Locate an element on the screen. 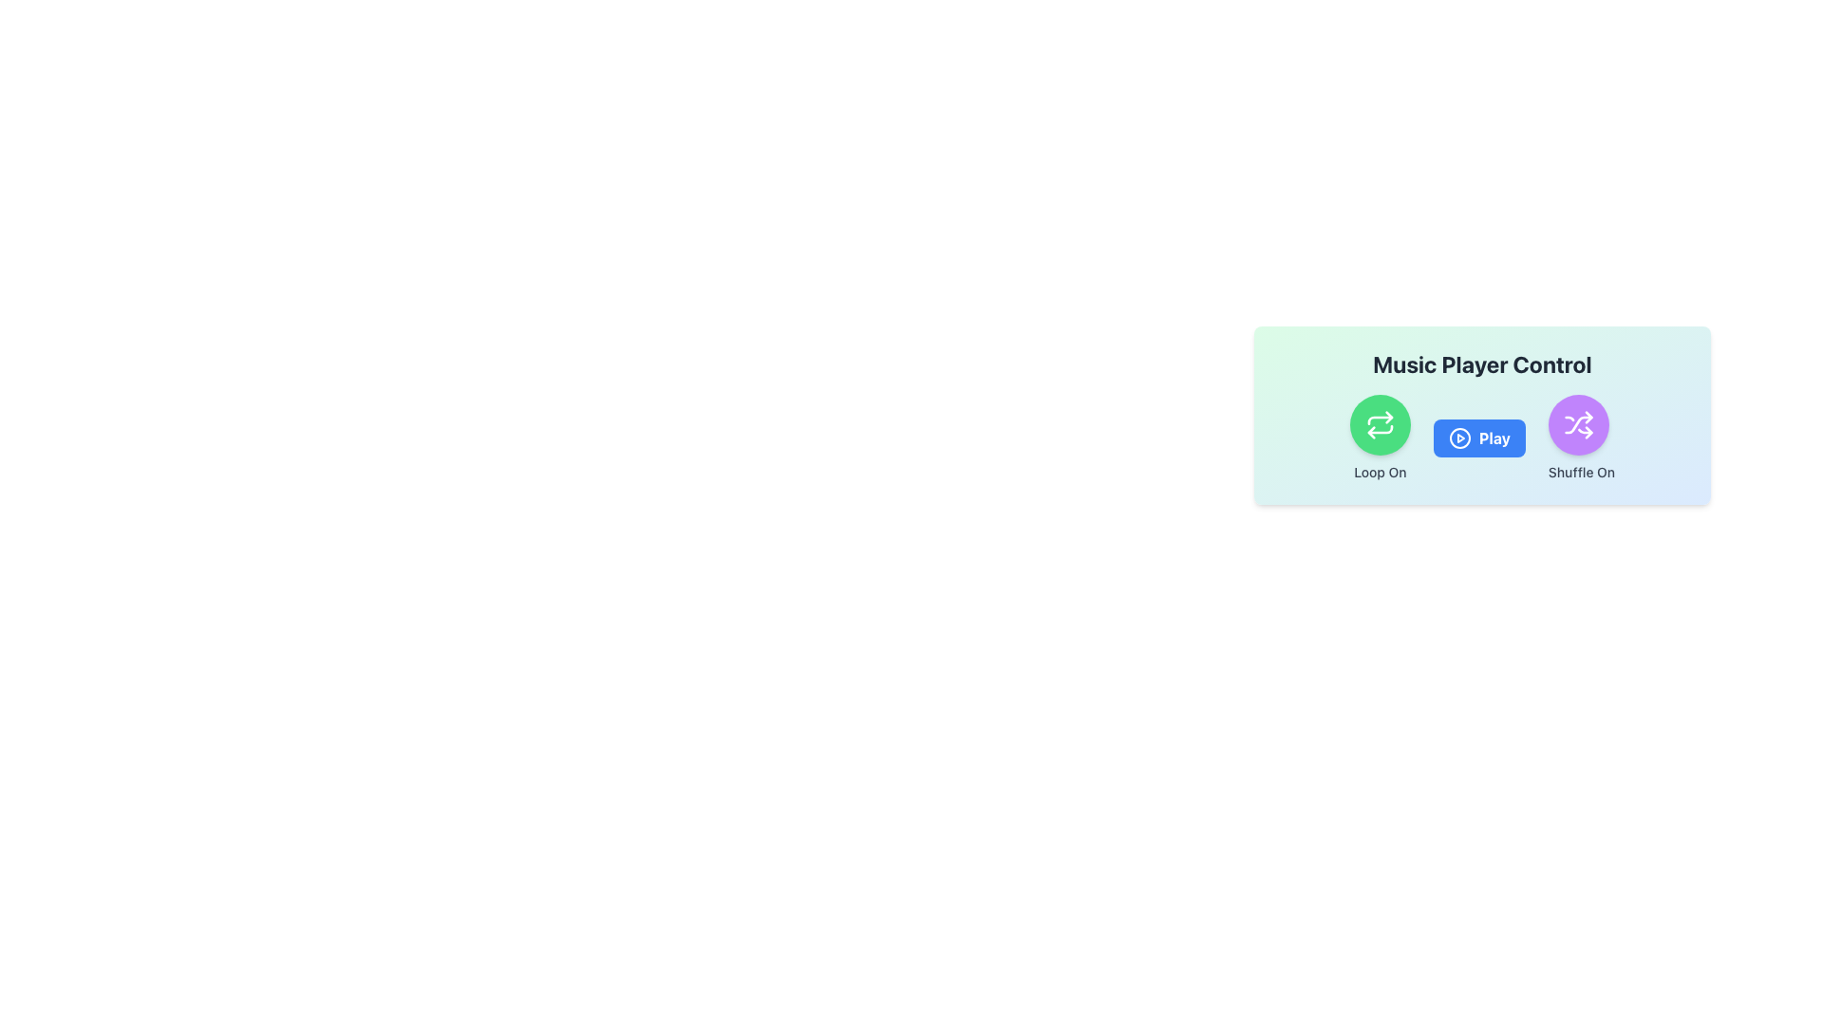  the second graphical component of the 'Loop On' button icon in the top-left segment of the Music Player Control panel is located at coordinates (1380, 419).